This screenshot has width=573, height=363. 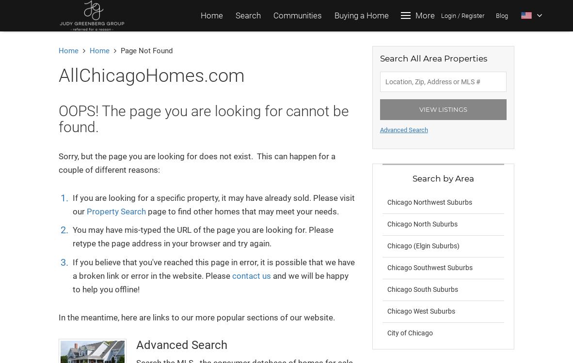 I want to click on 'Login', so click(x=418, y=15).